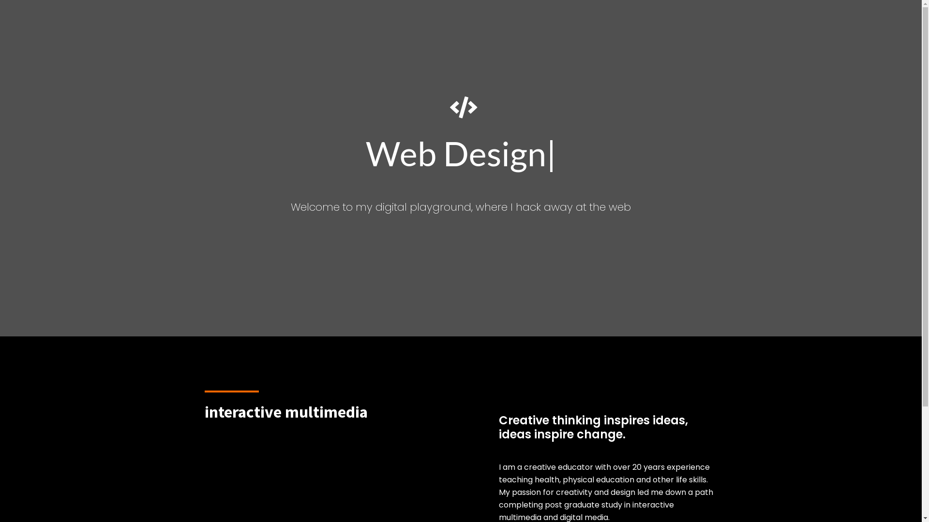 The width and height of the screenshot is (929, 522). What do you see at coordinates (0, 0) in the screenshot?
I see `'Skip to main content'` at bounding box center [0, 0].